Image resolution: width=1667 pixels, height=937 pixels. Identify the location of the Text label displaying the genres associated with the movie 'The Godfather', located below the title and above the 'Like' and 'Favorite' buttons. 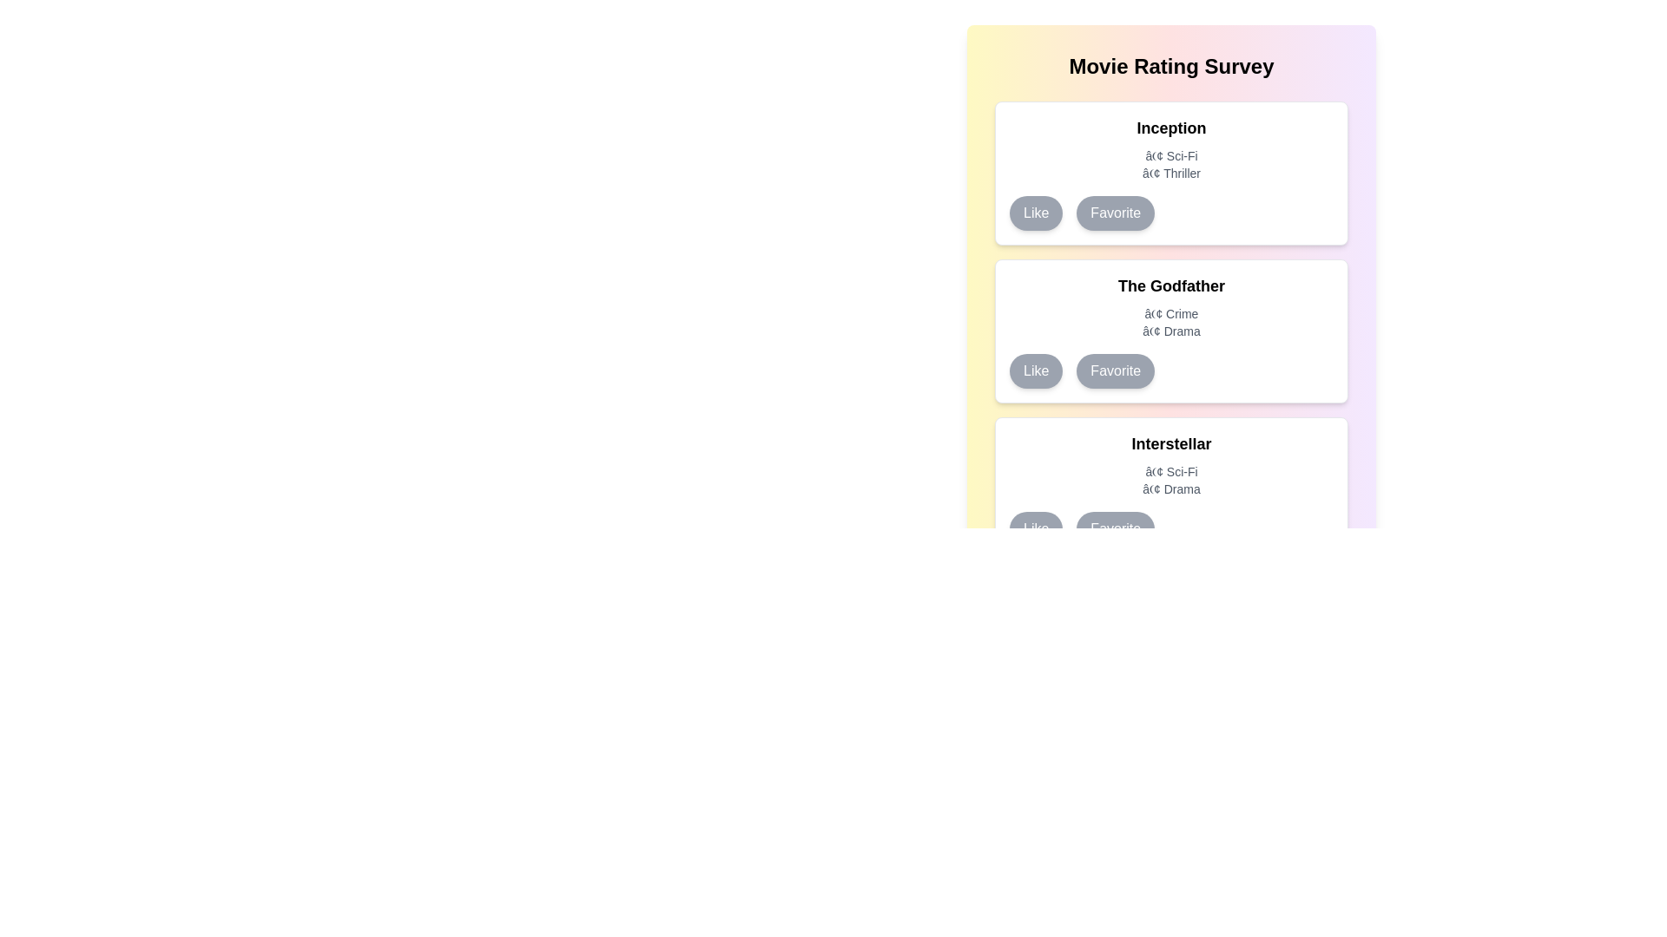
(1171, 322).